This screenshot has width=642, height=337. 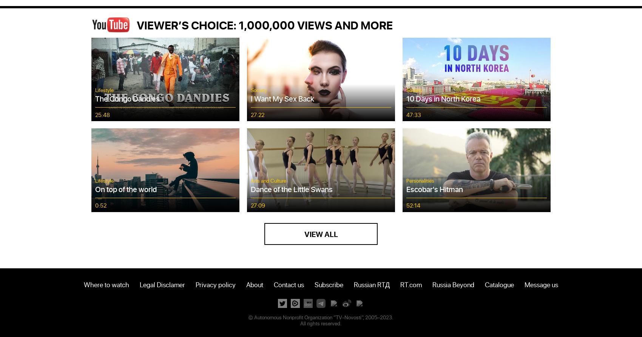 I want to click on 'About', so click(x=254, y=283).